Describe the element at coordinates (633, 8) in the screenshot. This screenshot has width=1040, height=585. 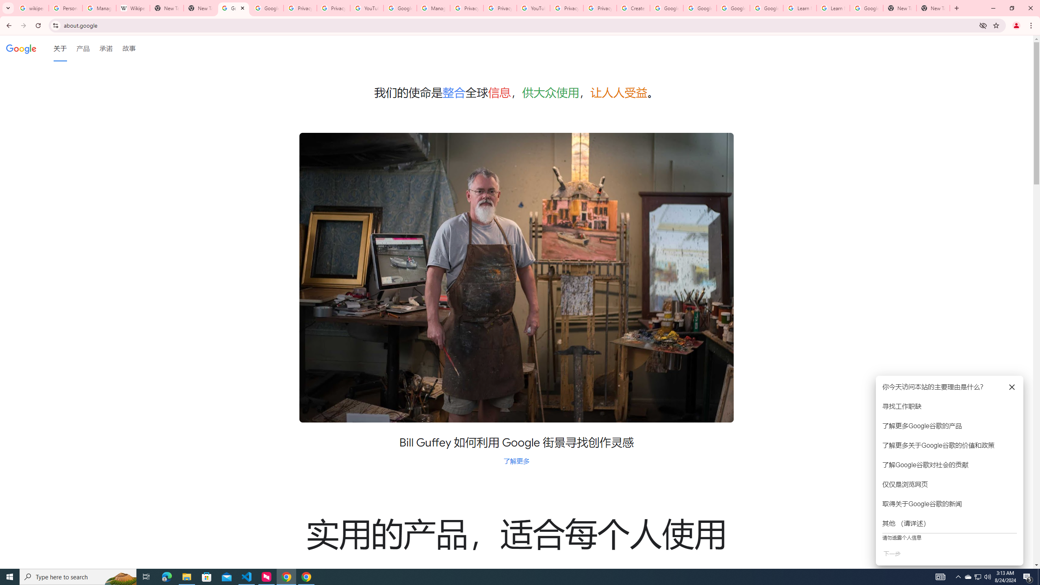
I see `'Create your Google Account'` at that location.